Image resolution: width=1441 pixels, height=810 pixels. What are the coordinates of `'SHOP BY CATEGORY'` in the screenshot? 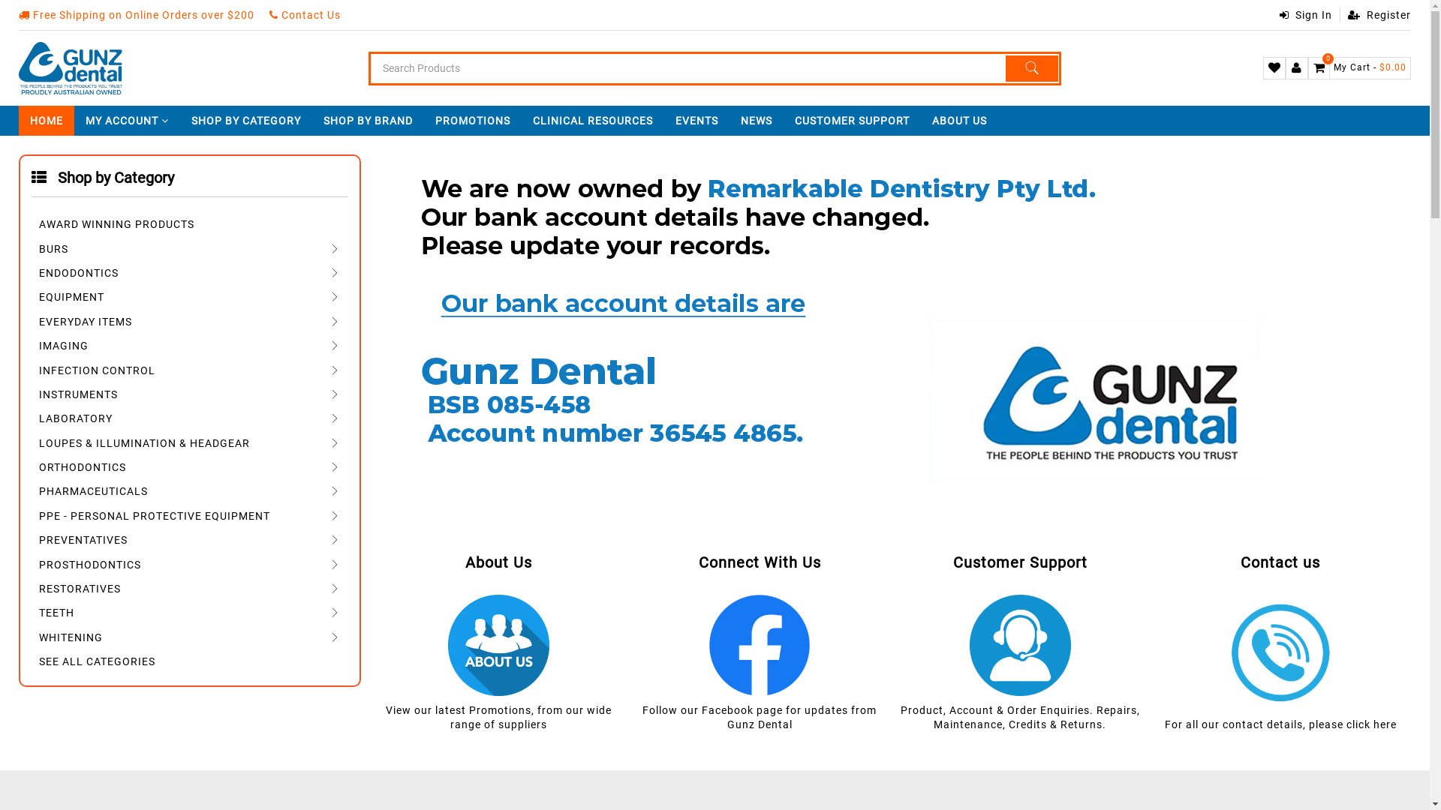 It's located at (245, 120).